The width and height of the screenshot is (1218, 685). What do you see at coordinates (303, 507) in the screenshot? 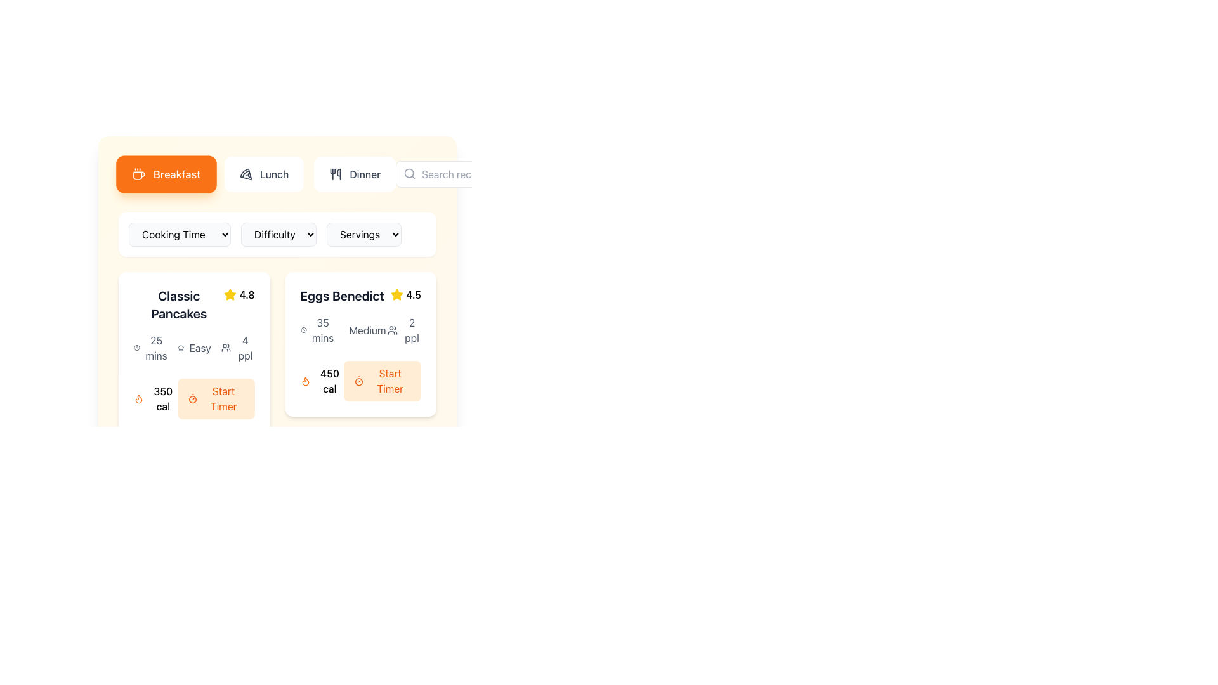
I see `the clock icon indicating the preparation time for the 'Classic Pancakes' recipe, positioned to the left of the text '20 mins'` at bounding box center [303, 507].